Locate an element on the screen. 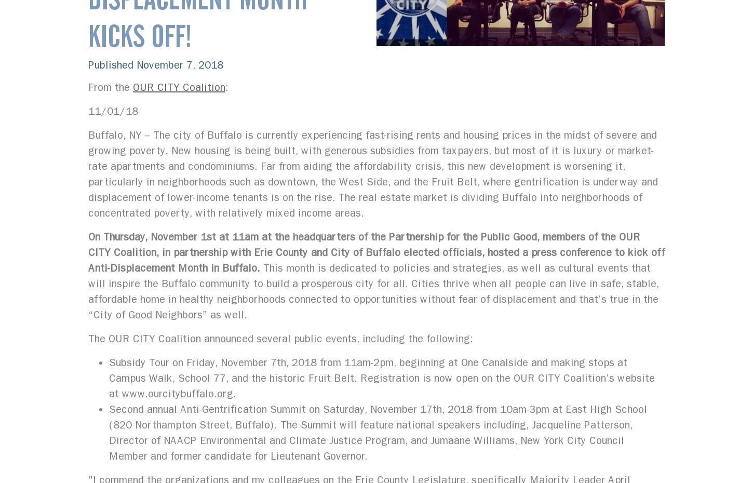 The height and width of the screenshot is (483, 753). 'This month is dedicated to policies and strategies, as well as cultural events that will inspire the Buffalo community to build a prosperous city for all. Cities thrive when all people can live in safe, stable, affordable home in healthy neighborhoods connected to opportunities without fear of displacement and that’s true in the “City of Good Neighbors” as well.' is located at coordinates (373, 291).